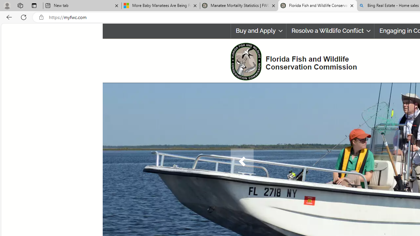  I want to click on 'Close tab', so click(351, 6).